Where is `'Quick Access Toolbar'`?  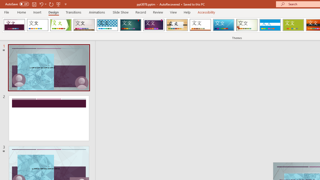
'Quick Access Toolbar' is located at coordinates (36, 4).